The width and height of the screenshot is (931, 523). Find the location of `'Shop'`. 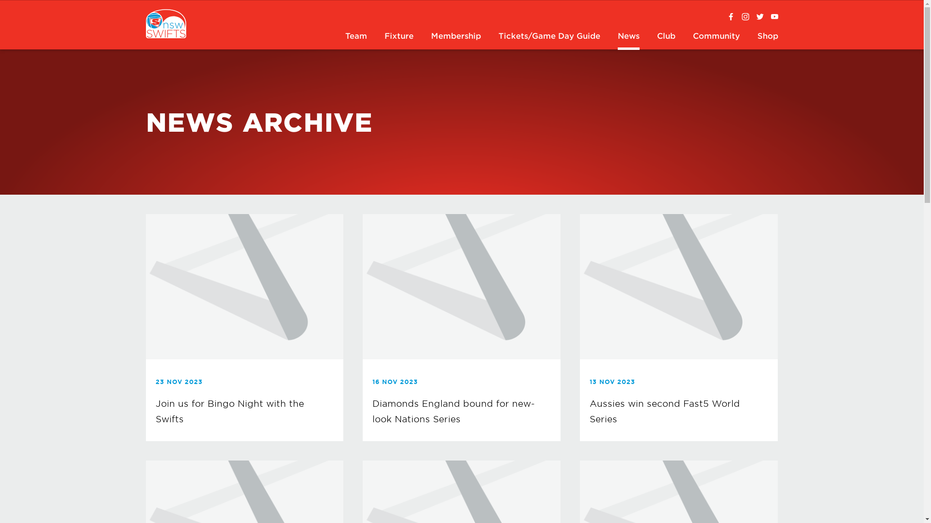

'Shop' is located at coordinates (767, 36).